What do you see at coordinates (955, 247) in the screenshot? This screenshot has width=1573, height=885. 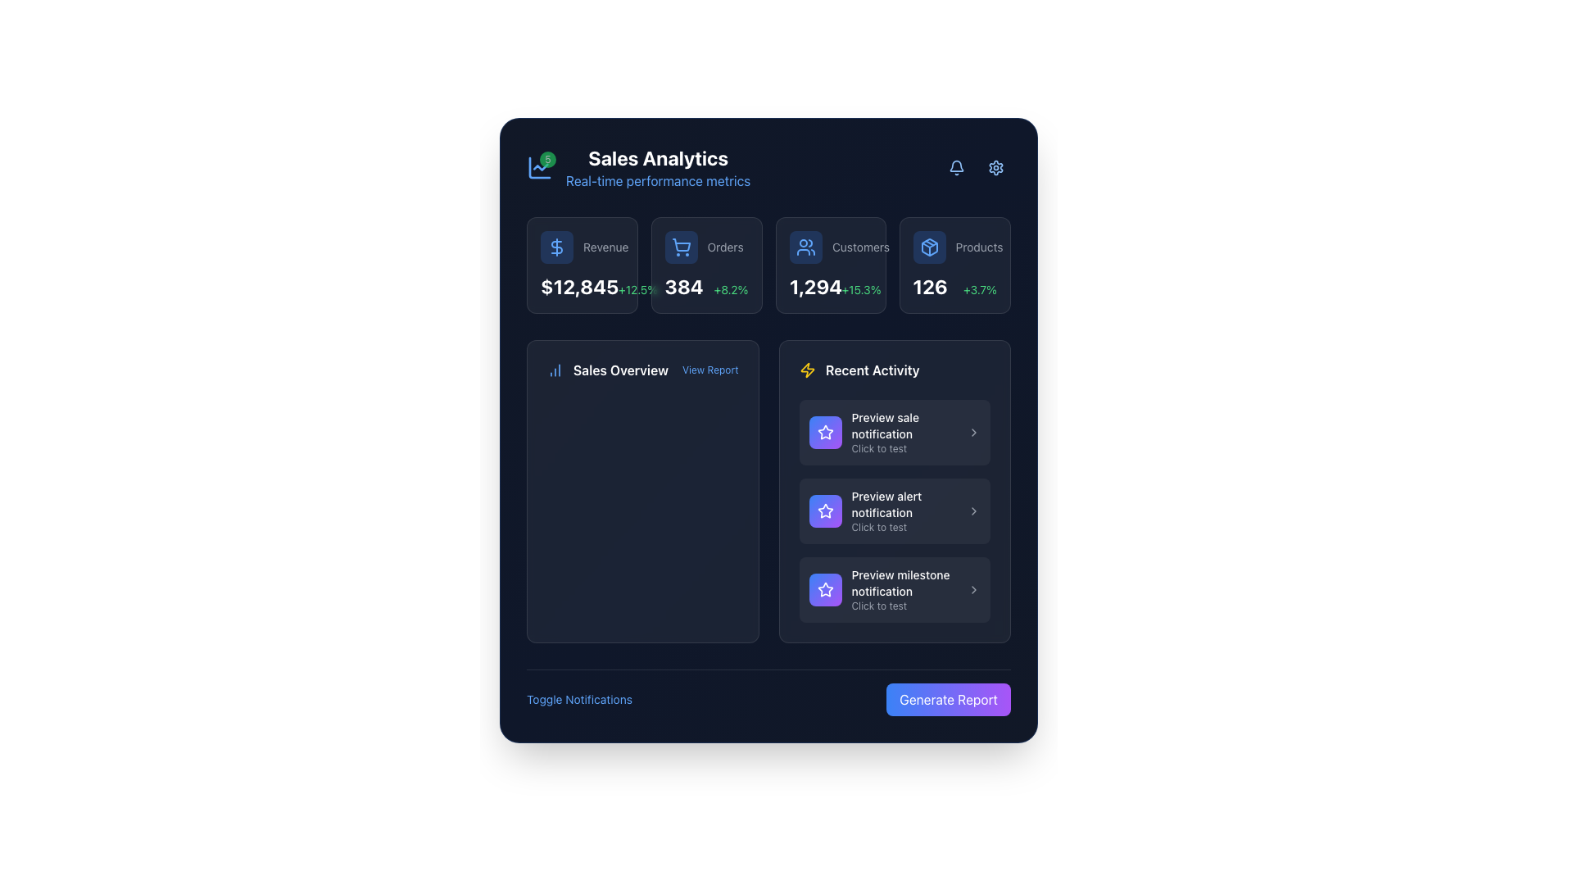 I see `the Label with Icon that displays a blue package box icon next to the text 'Products' in gray, located at the top-right corner of the dashboard interface within the statistics card` at bounding box center [955, 247].